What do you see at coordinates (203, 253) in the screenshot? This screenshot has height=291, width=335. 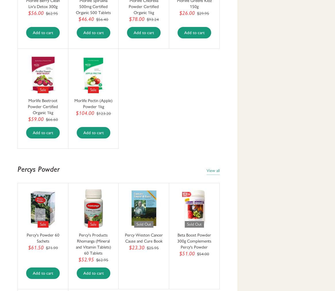 I see `'$54.00'` at bounding box center [203, 253].